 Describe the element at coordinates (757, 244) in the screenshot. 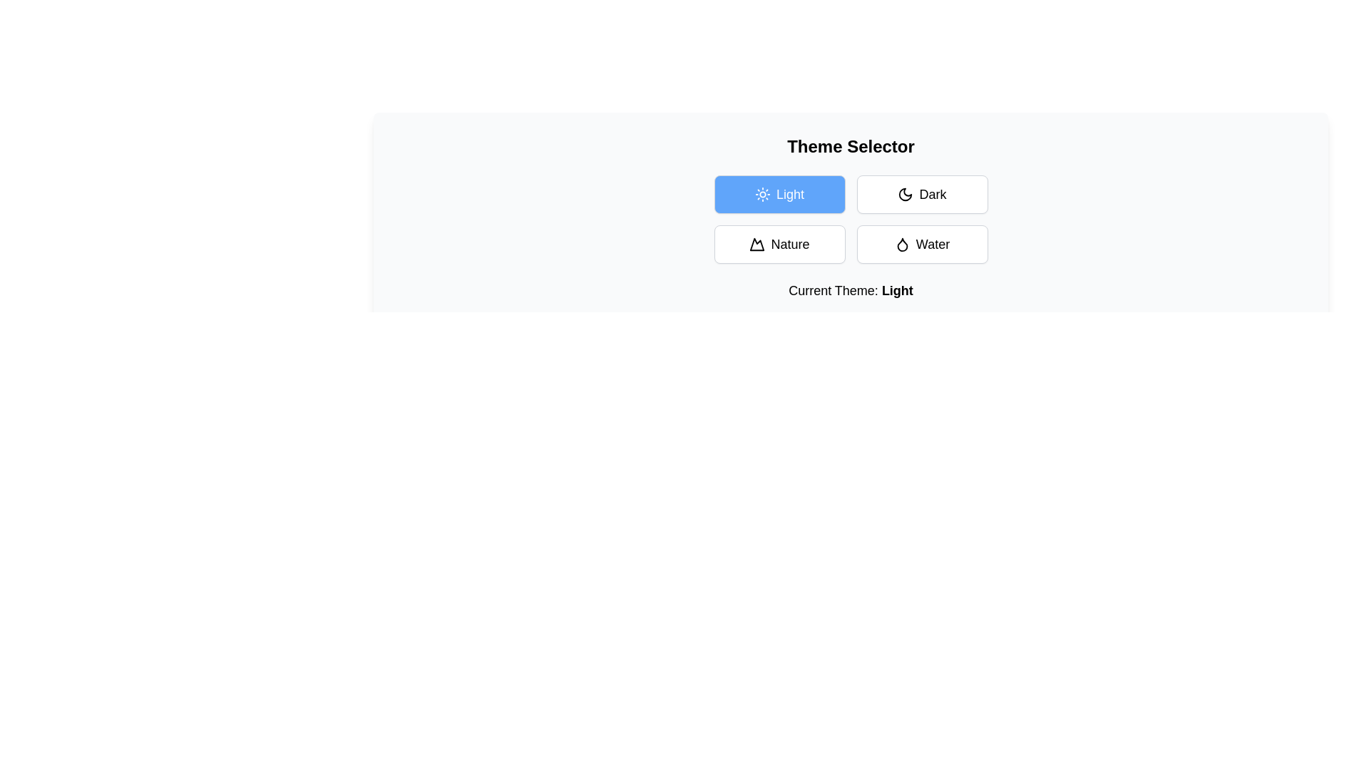

I see `the mountain outline icon located inside the 'Nature' button, which is part of the Theme Selector row` at that location.